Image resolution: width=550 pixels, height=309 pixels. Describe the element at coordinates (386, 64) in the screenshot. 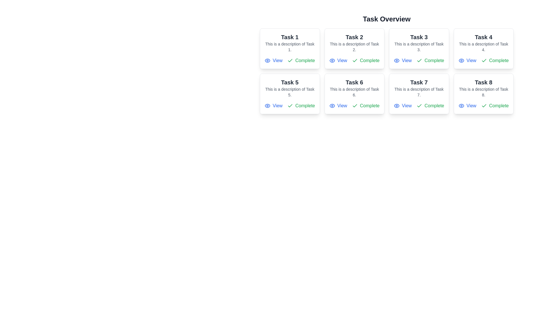

I see `the 'View' or 'Complete' buttons within the task cards located in the section titled 'Task Overview', which is centrally positioned in a grid layout` at that location.